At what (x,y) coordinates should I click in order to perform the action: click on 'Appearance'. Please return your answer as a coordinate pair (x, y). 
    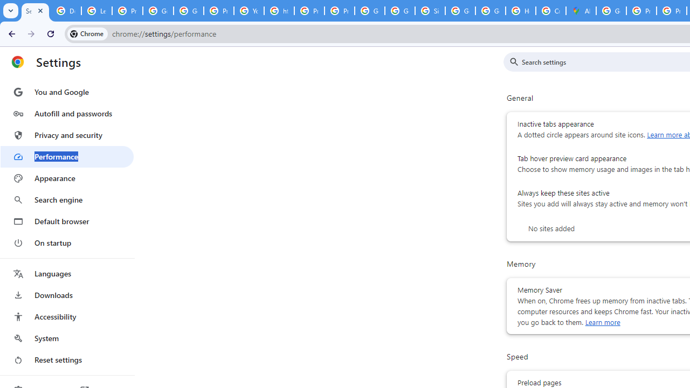
    Looking at the image, I should click on (66, 178).